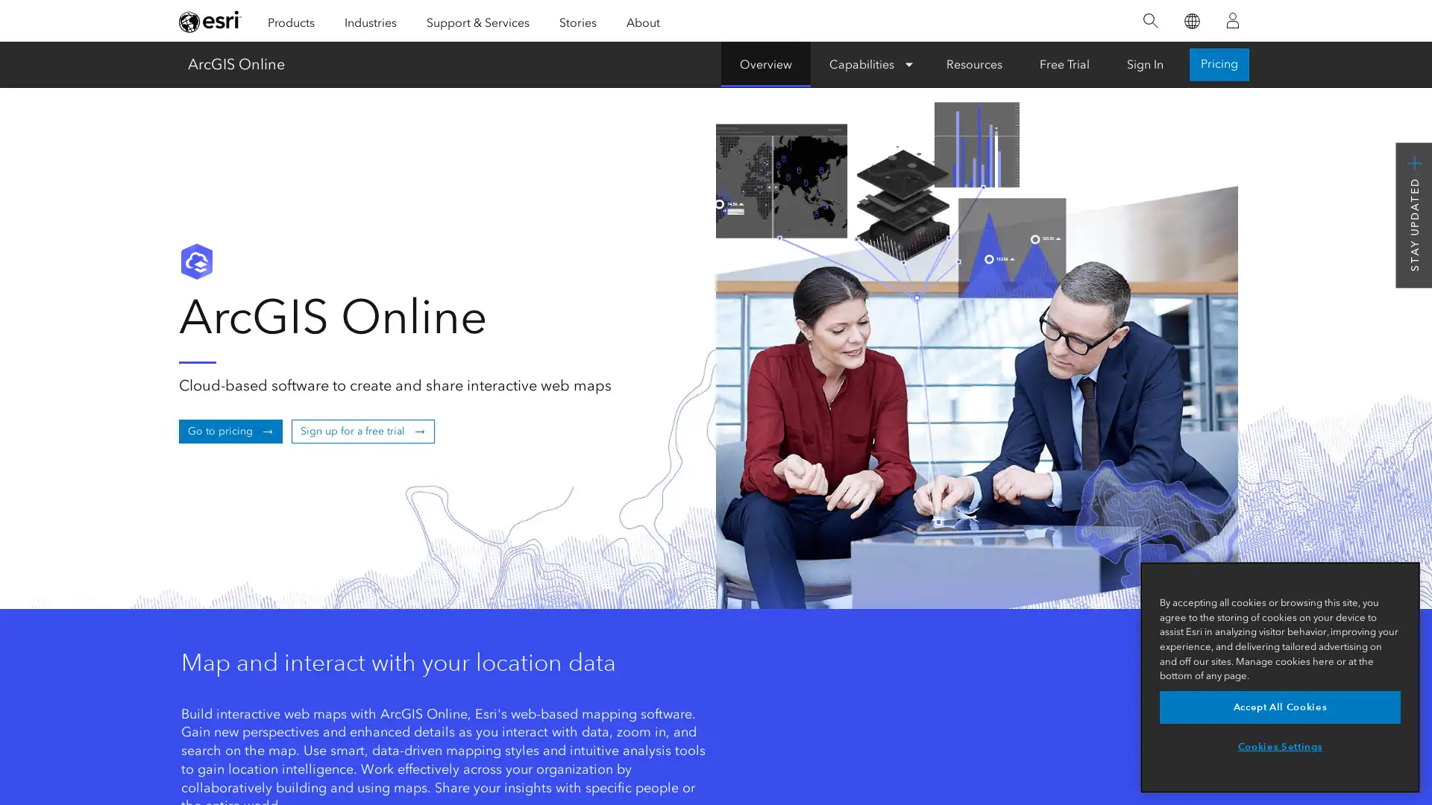 This screenshot has width=1432, height=805. I want to click on Stories, so click(577, 20).